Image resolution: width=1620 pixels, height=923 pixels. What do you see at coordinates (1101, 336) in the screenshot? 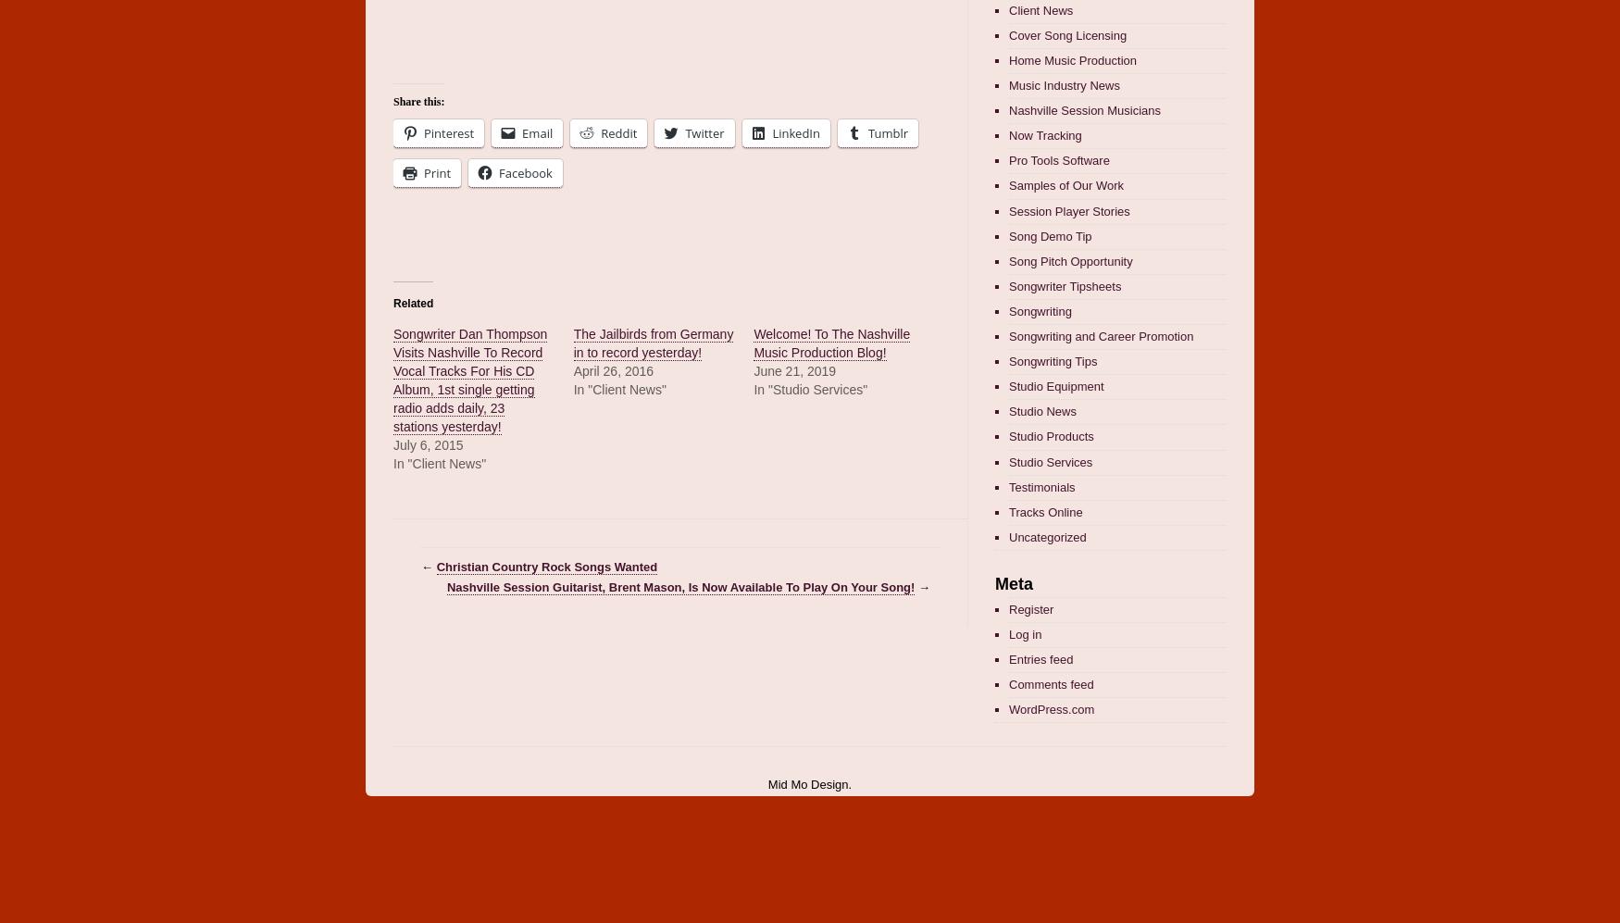
I see `'Songwriting and Career Promotion'` at bounding box center [1101, 336].